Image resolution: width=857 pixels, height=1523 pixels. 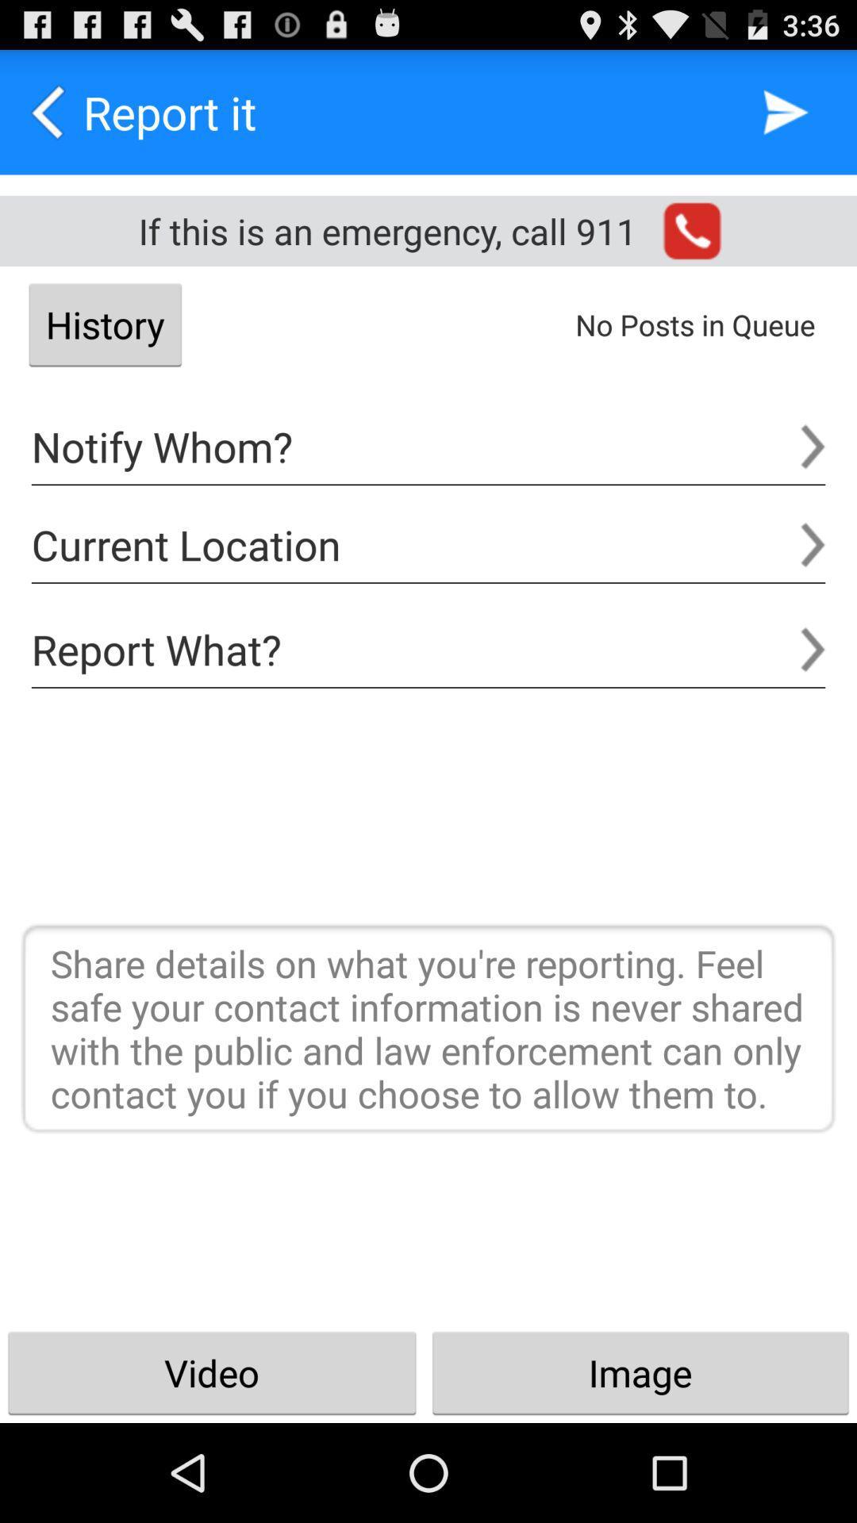 I want to click on the send icon, so click(x=786, y=119).